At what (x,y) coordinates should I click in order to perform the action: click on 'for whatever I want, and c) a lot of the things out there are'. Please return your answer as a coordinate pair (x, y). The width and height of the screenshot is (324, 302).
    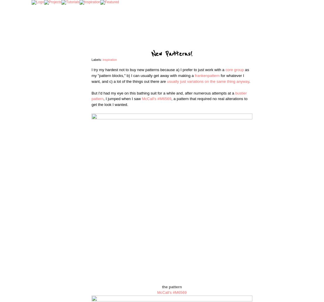
    Looking at the image, I should click on (92, 78).